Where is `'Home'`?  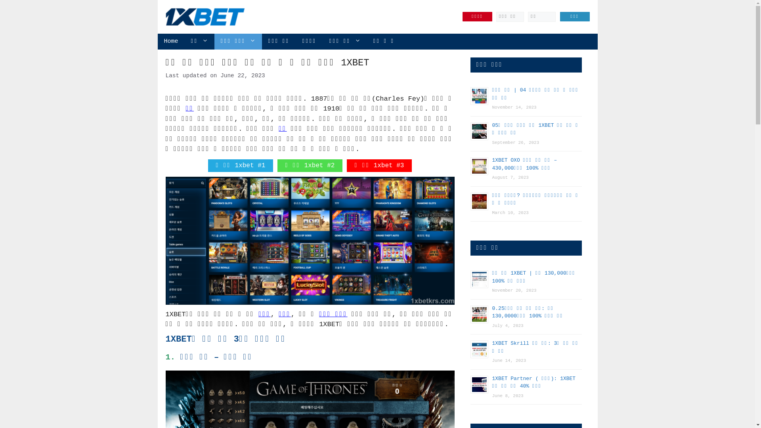 'Home' is located at coordinates (158, 41).